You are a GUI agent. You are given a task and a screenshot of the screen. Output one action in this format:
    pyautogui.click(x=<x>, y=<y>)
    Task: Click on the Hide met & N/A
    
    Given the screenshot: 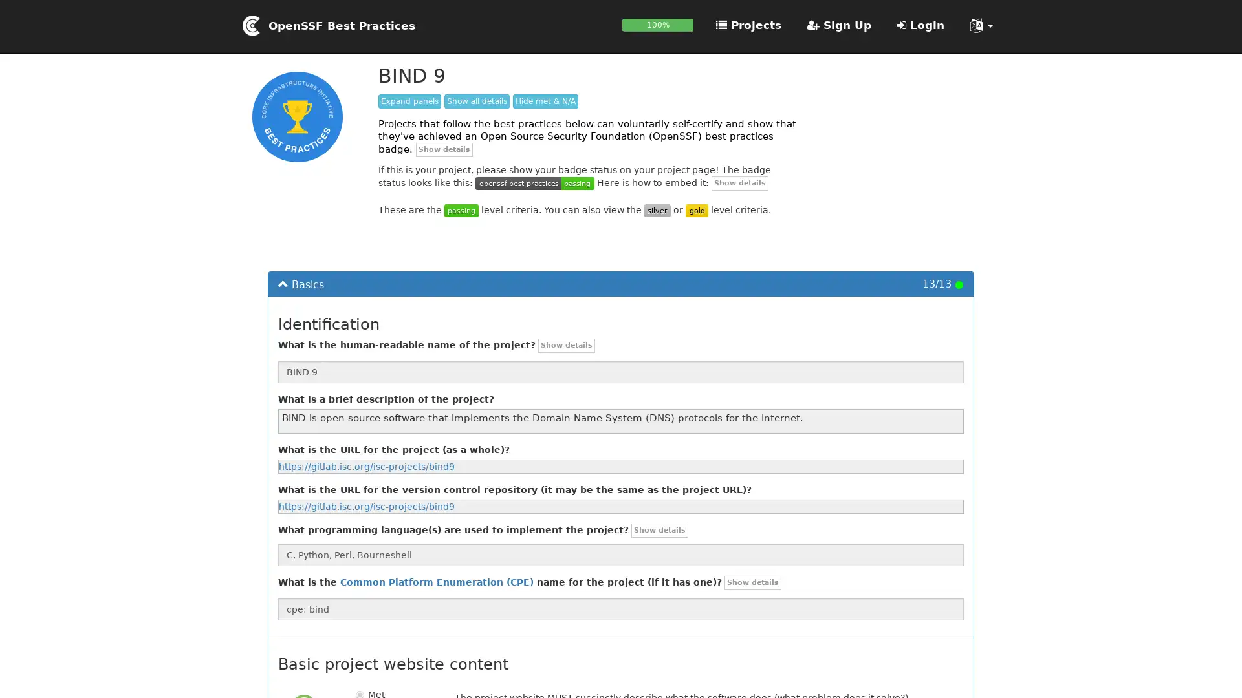 What is the action you would take?
    pyautogui.click(x=545, y=101)
    